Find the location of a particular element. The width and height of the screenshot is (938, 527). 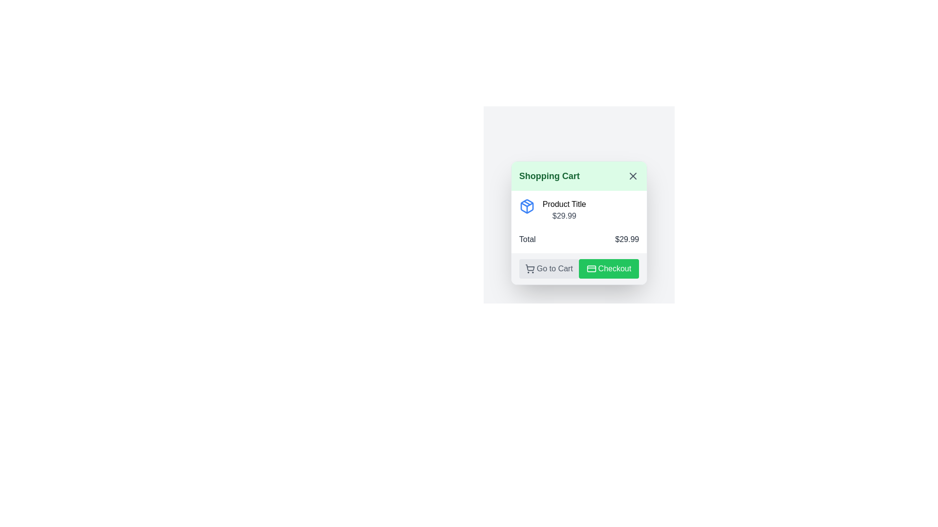

static text label displaying 'Total' located in the shopping cart summary box on the left side of the total price display is located at coordinates (527, 239).